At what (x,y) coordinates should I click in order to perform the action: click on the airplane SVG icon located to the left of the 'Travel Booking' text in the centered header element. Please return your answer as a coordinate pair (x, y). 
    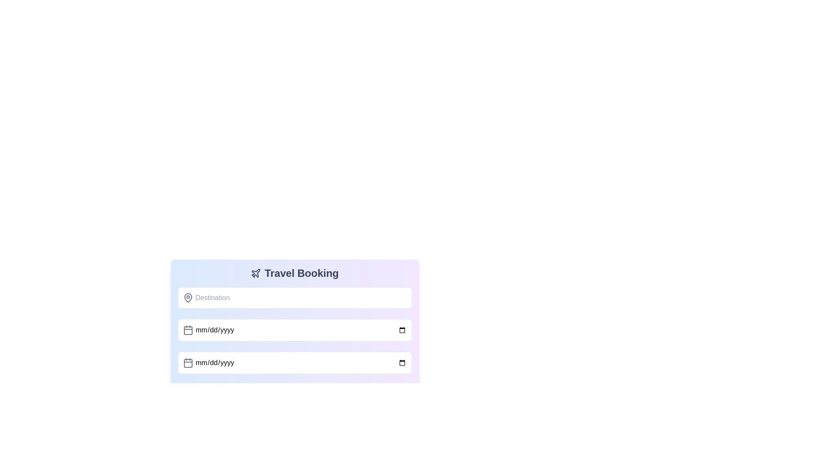
    Looking at the image, I should click on (255, 273).